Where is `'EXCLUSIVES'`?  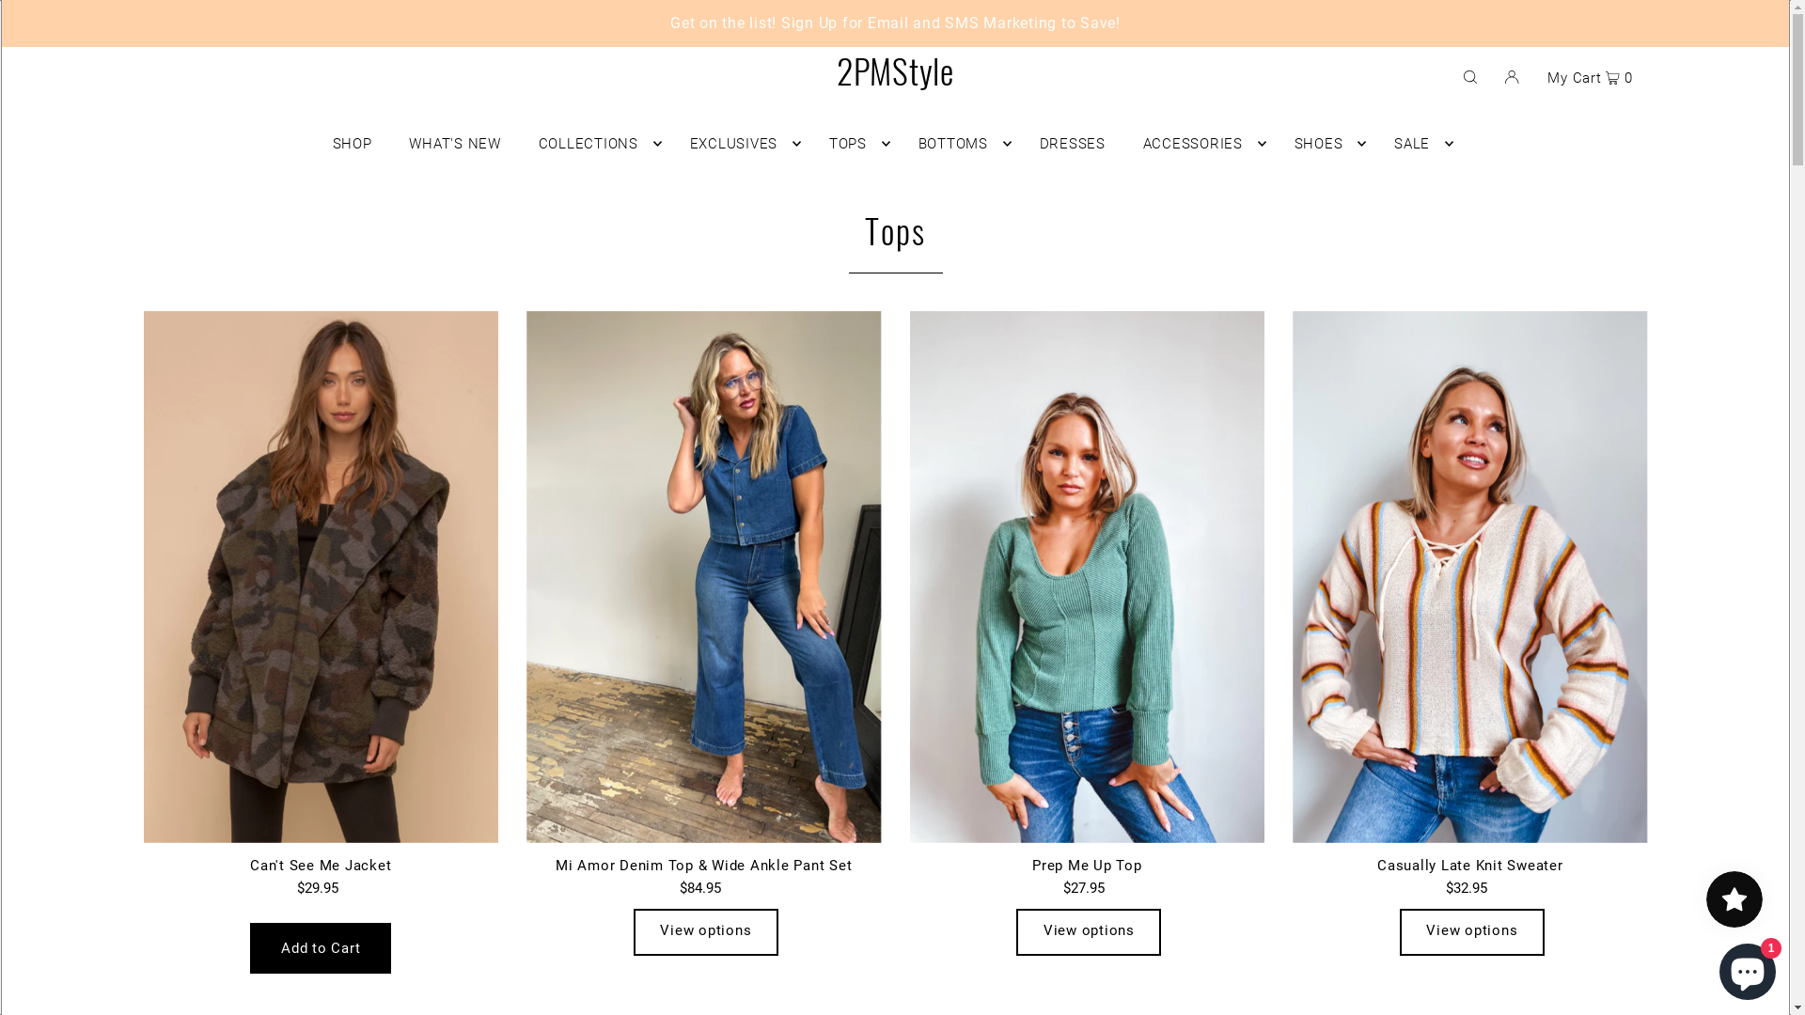 'EXCLUSIVES' is located at coordinates (680, 143).